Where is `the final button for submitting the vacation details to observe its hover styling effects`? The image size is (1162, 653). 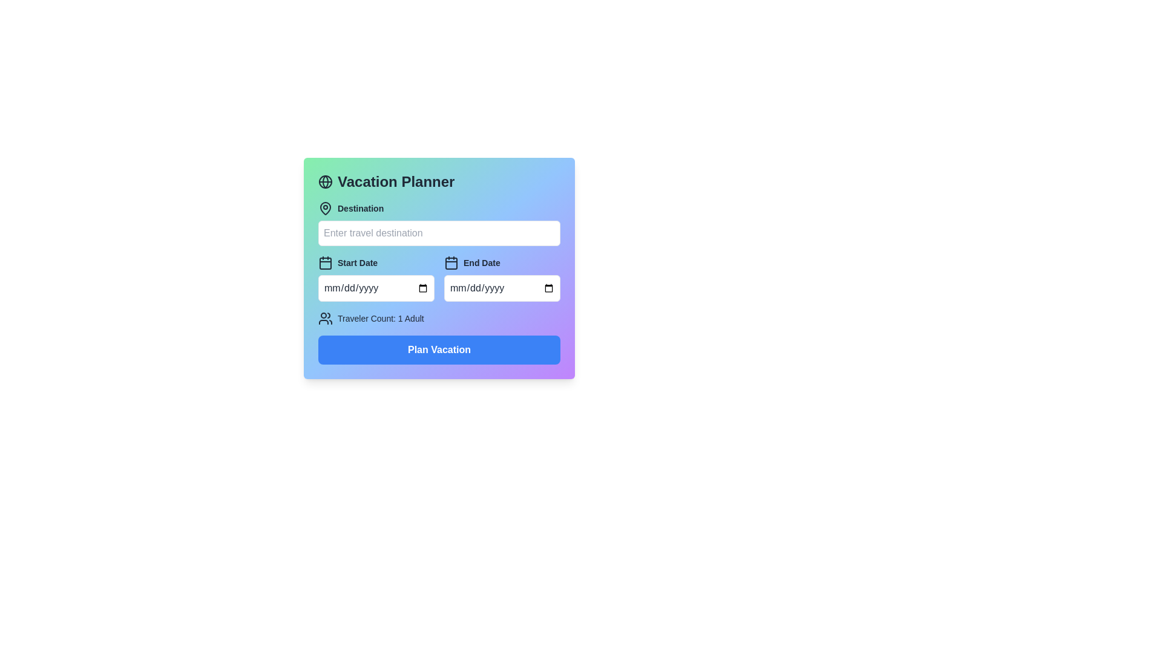
the final button for submitting the vacation details to observe its hover styling effects is located at coordinates (438, 349).